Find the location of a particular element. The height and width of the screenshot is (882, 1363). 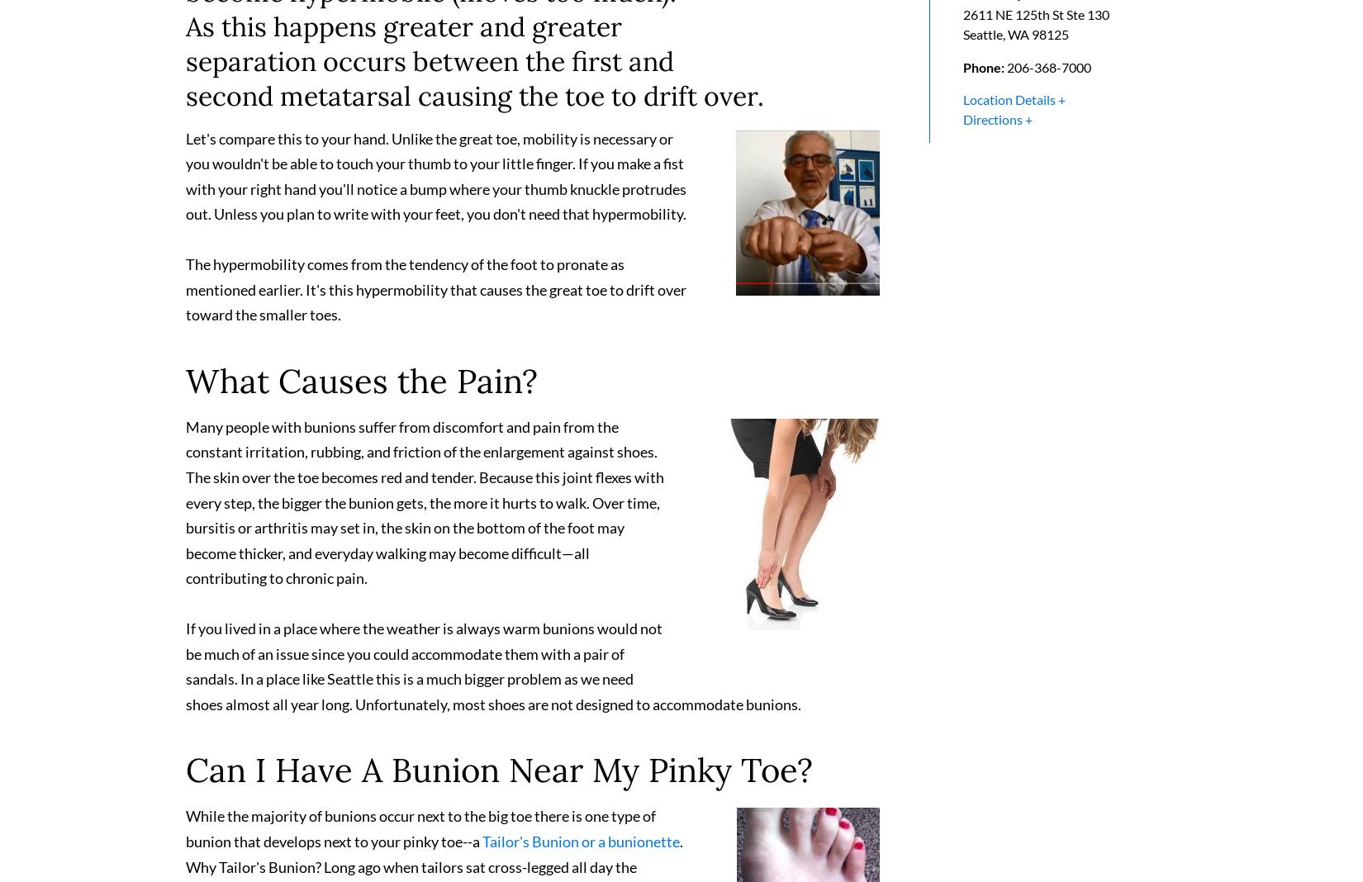

'Let's compare this to your hand. Unlike the great toe, mobility is necessary or you wouldn't be able to touch your thumb to your little finger. If you make a fist with your right hand you'll notice a bump where your thumb knuckle protrudes out. Unless you plan to write with your feet, you don't need that hypermobility.' is located at coordinates (435, 183).